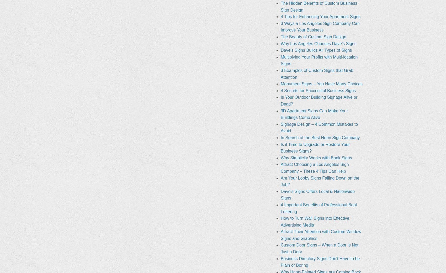 The image size is (446, 273). I want to click on 'Is it Time to Upgrade or Restore Your Business Signs?', so click(315, 147).